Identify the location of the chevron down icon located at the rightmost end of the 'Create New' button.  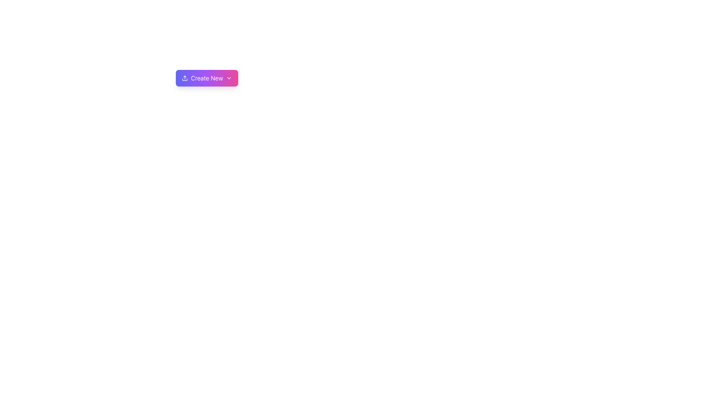
(228, 78).